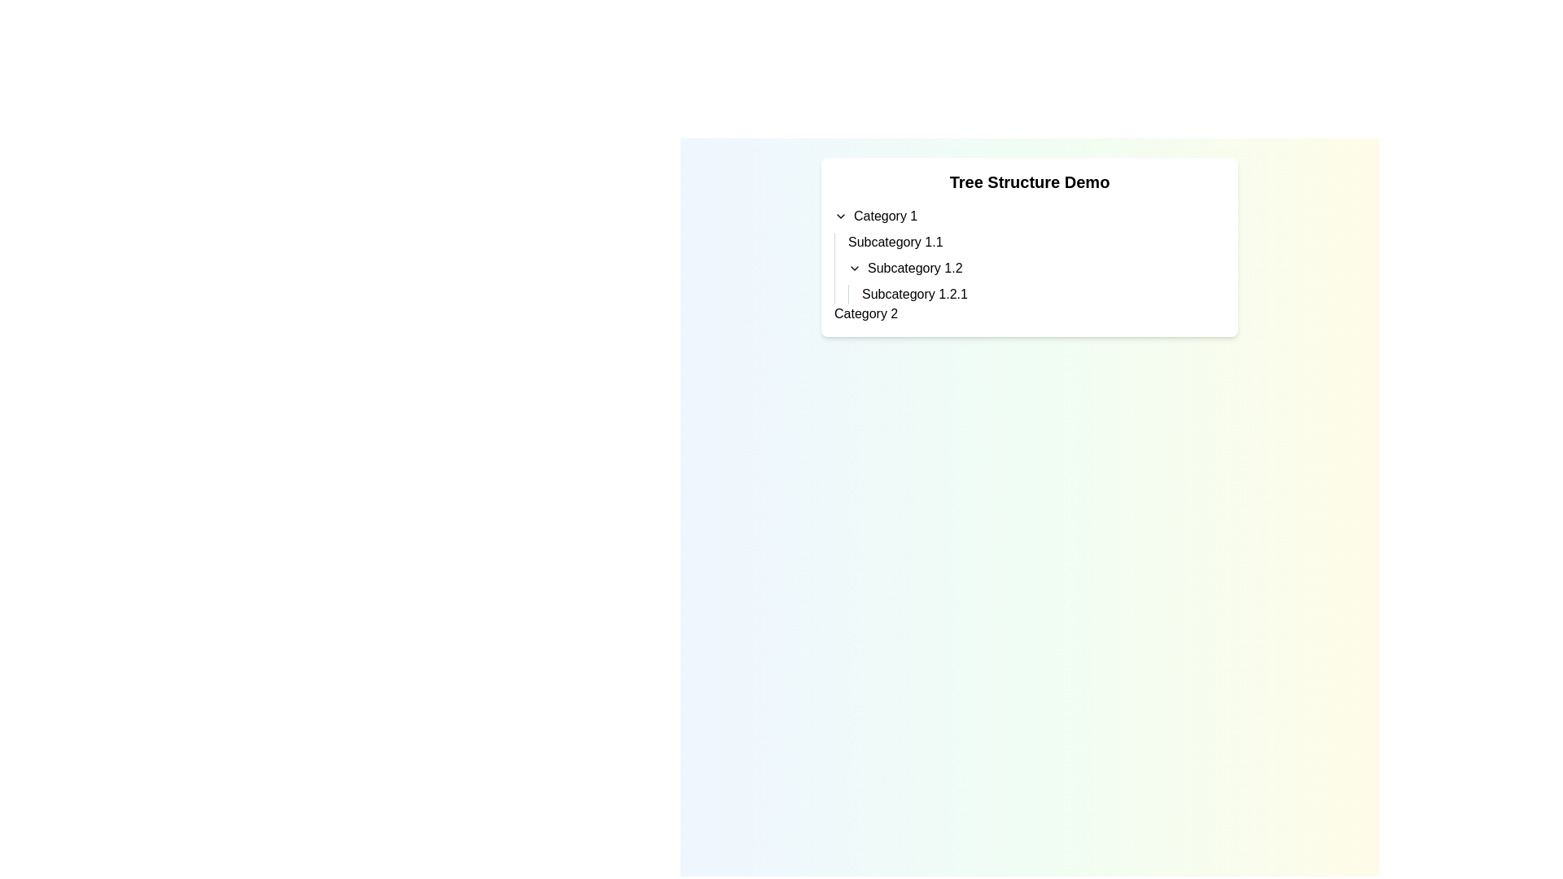 The image size is (1563, 879). I want to click on the collapsible control indicator SVG icon for 'Subcategory 1.2', which is positioned to the left of the text element indicating the section can be expanded or collapsed, so click(854, 268).